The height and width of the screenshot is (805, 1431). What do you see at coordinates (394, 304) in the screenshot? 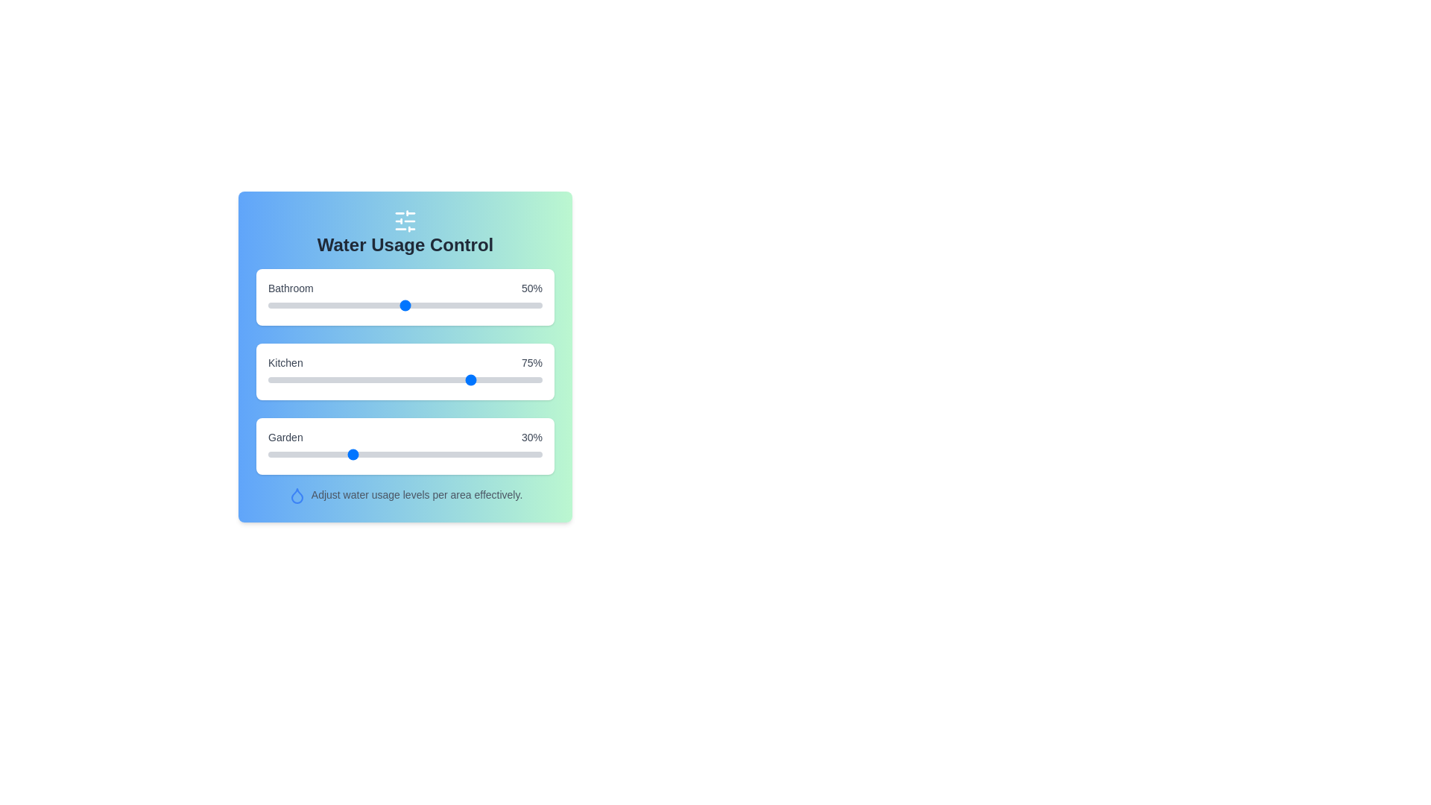
I see `the Bathroom usage slider to 46%` at bounding box center [394, 304].